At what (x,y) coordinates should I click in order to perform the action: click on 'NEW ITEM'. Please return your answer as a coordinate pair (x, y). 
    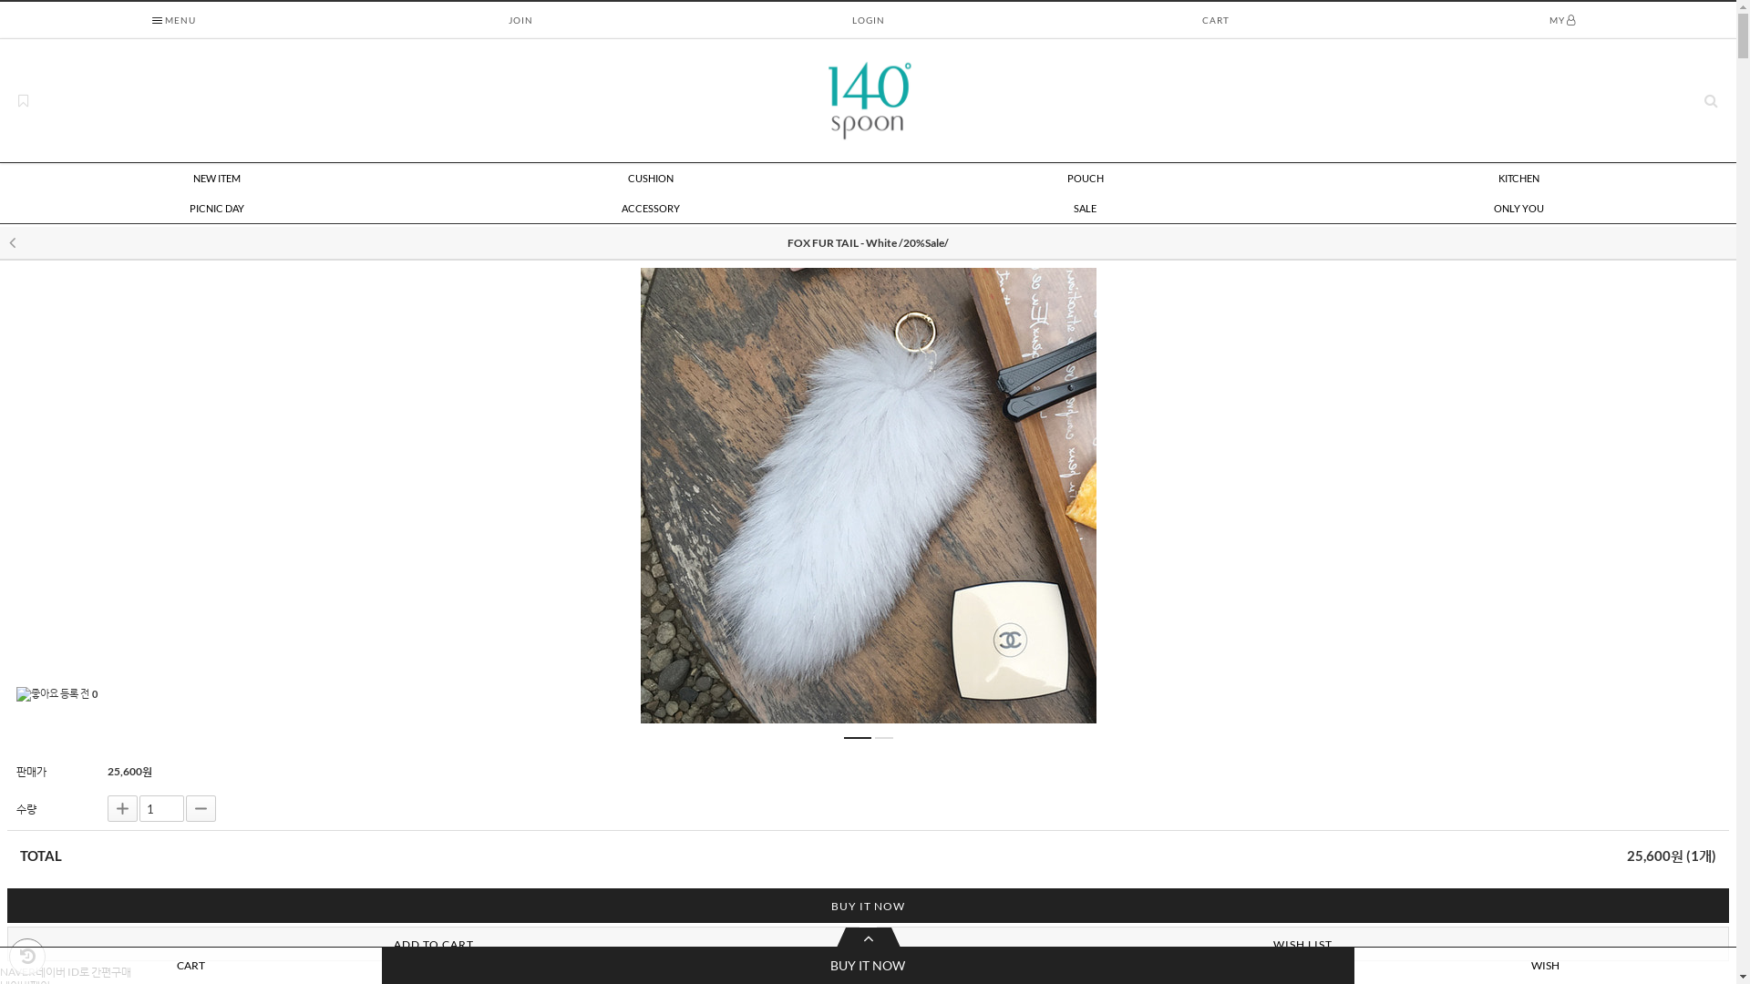
    Looking at the image, I should click on (217, 179).